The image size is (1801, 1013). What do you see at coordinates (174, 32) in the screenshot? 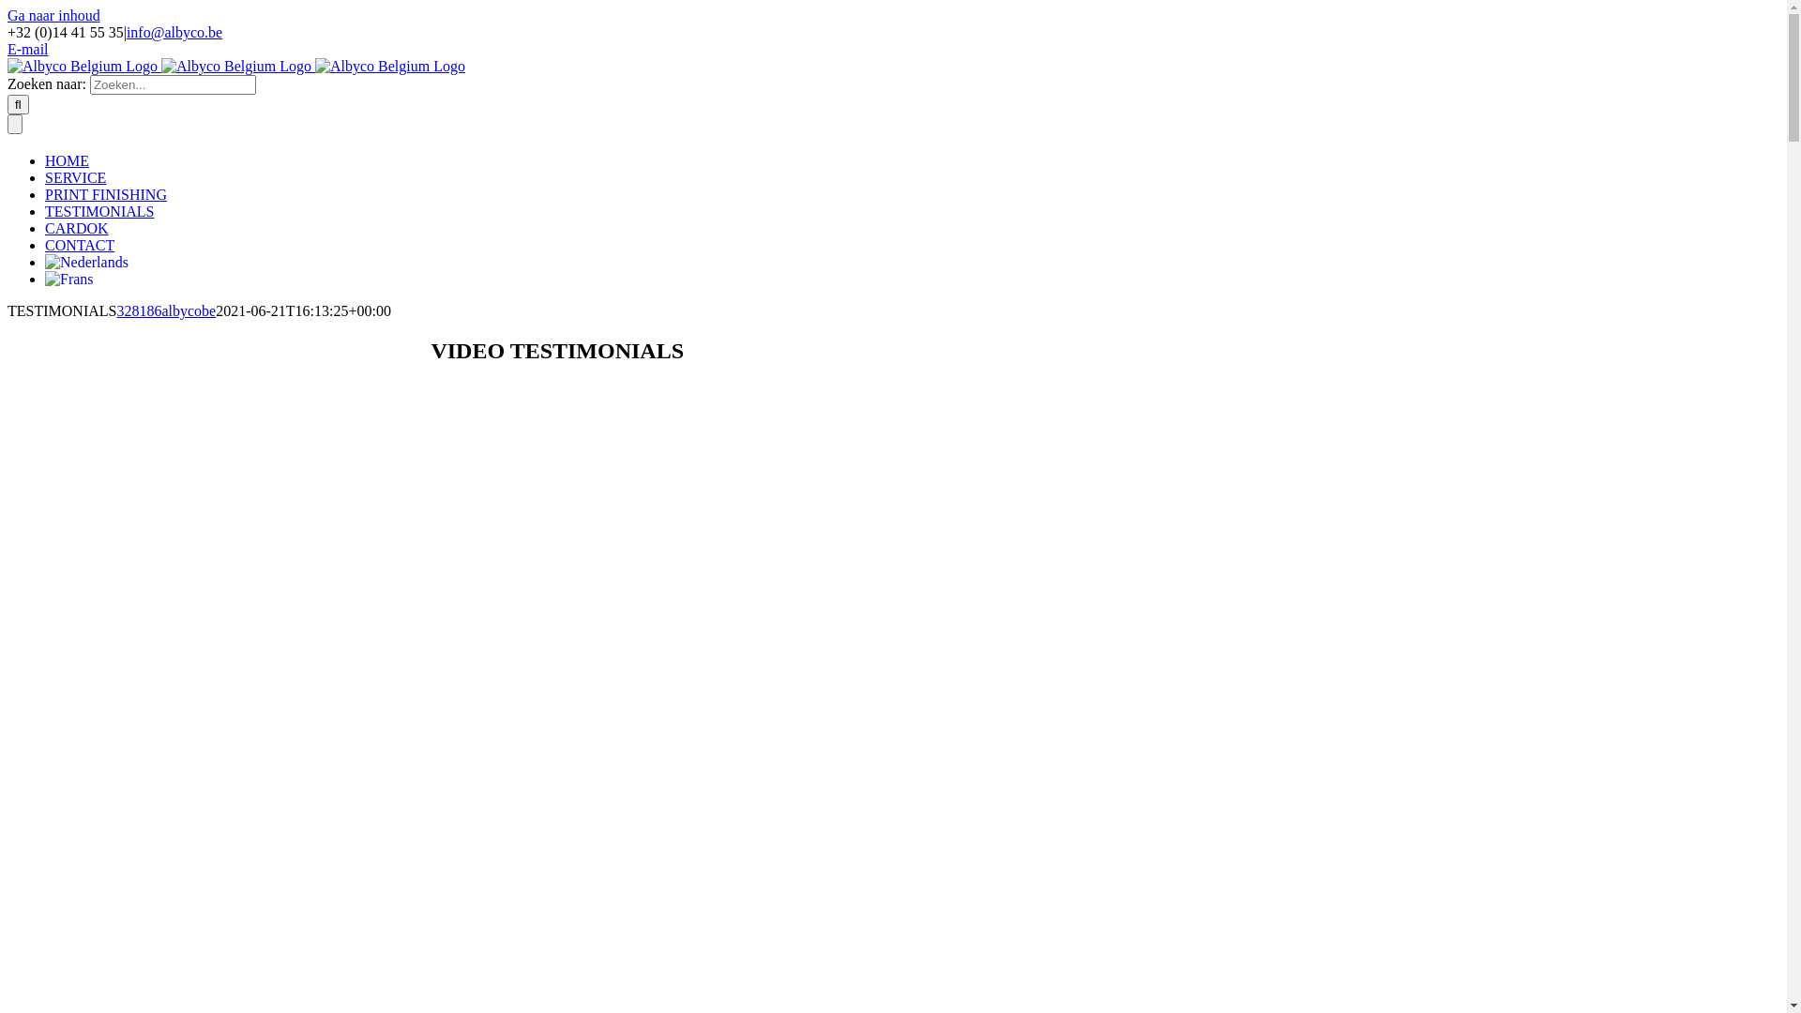
I see `'info@albyco.be'` at bounding box center [174, 32].